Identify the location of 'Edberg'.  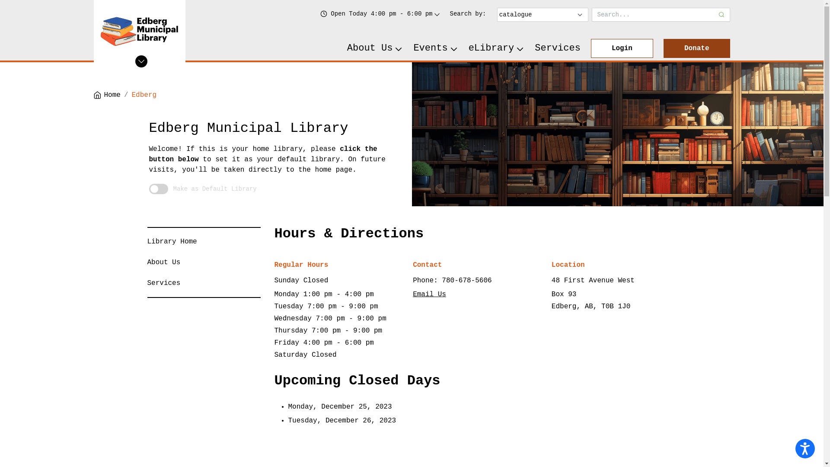
(144, 95).